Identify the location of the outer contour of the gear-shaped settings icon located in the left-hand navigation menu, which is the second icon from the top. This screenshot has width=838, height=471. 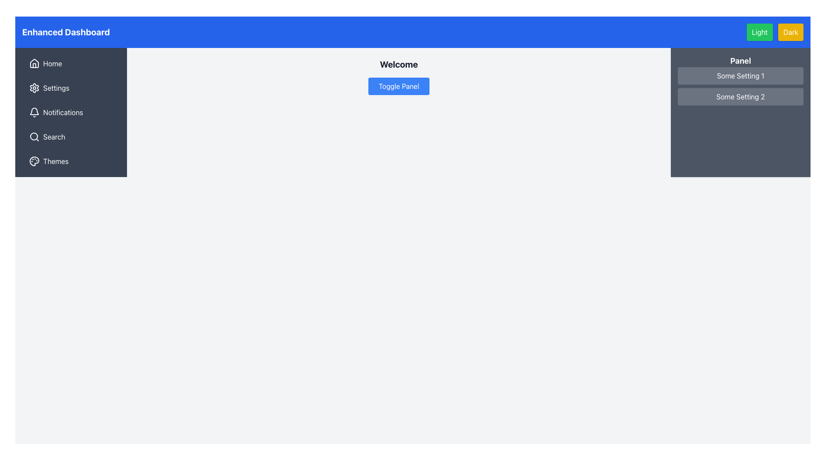
(34, 88).